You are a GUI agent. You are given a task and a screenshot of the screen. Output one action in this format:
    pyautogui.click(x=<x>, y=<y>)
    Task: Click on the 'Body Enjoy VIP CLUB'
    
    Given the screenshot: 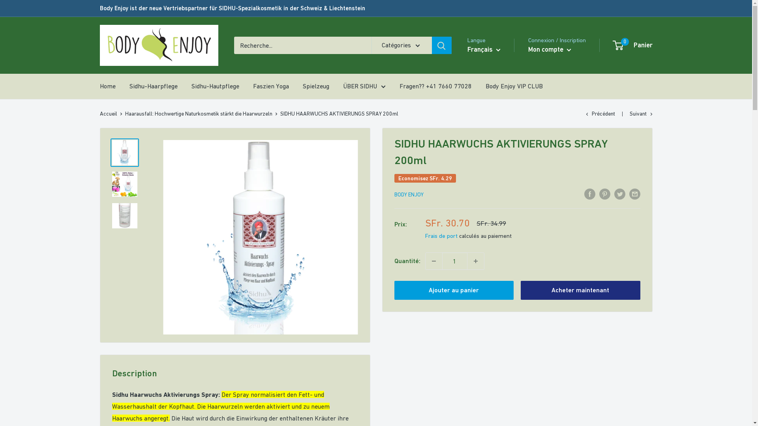 What is the action you would take?
    pyautogui.click(x=514, y=86)
    